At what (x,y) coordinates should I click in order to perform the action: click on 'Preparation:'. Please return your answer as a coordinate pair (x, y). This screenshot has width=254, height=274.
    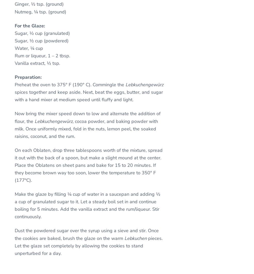
    Looking at the image, I should click on (28, 77).